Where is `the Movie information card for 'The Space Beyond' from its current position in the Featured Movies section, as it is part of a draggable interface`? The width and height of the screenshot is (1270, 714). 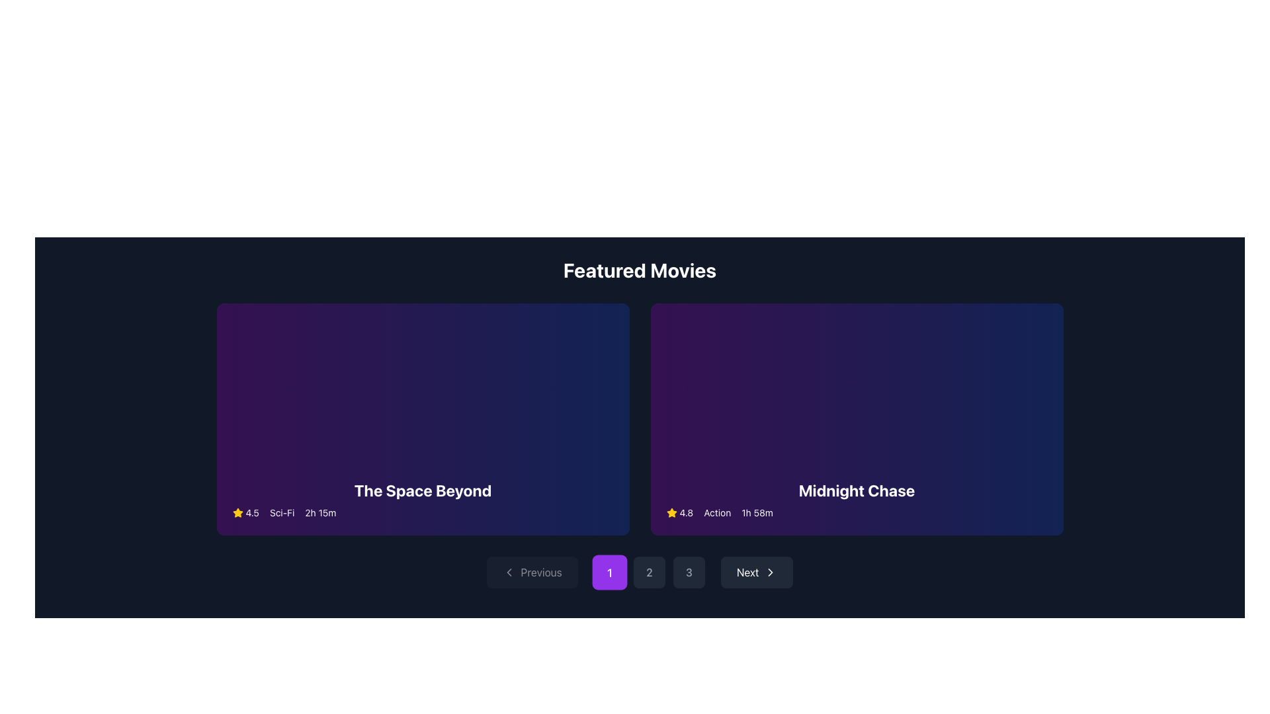 the Movie information card for 'The Space Beyond' from its current position in the Featured Movies section, as it is part of a draggable interface is located at coordinates (422, 419).